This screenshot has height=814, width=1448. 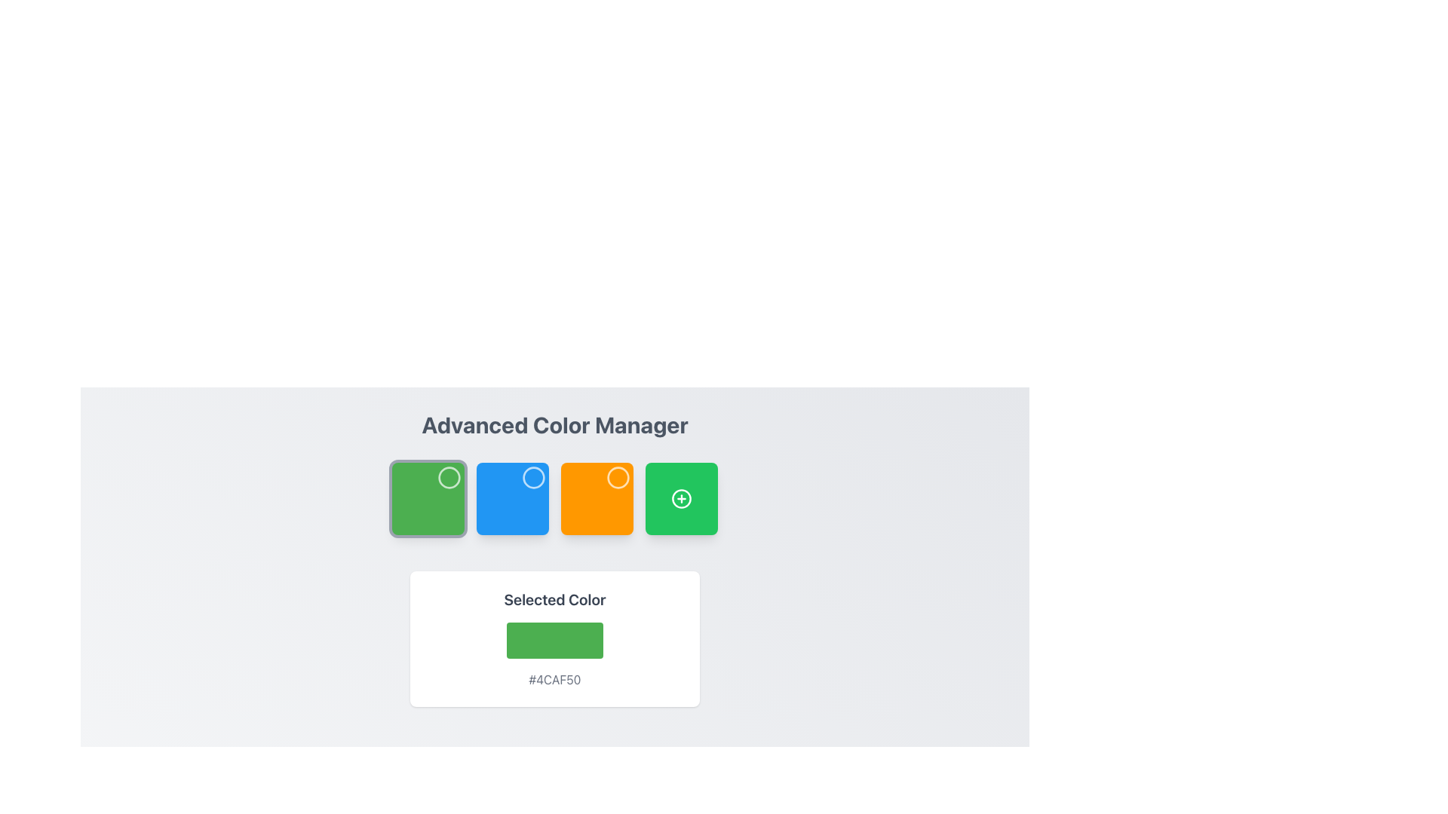 What do you see at coordinates (680, 499) in the screenshot?
I see `the square-shaped button with a green background and white text, which is the fourth item in a grid layout` at bounding box center [680, 499].